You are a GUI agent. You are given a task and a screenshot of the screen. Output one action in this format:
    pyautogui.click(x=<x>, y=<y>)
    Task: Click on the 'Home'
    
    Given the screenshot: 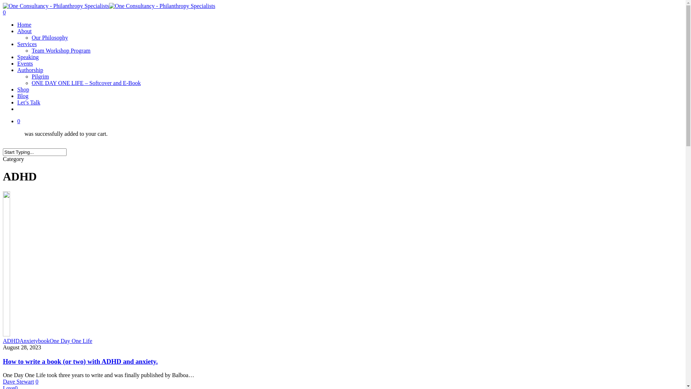 What is the action you would take?
    pyautogui.click(x=24, y=24)
    